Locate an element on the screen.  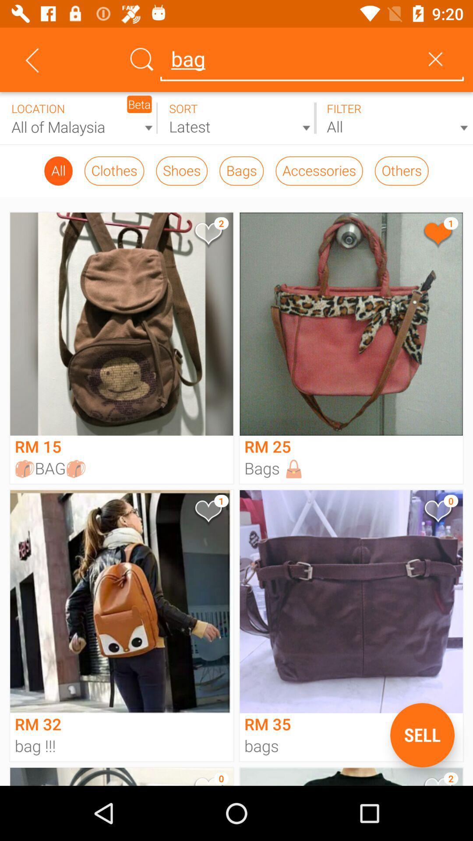
the button allows user to like a product and also shows how many people liked that product is located at coordinates (438, 235).